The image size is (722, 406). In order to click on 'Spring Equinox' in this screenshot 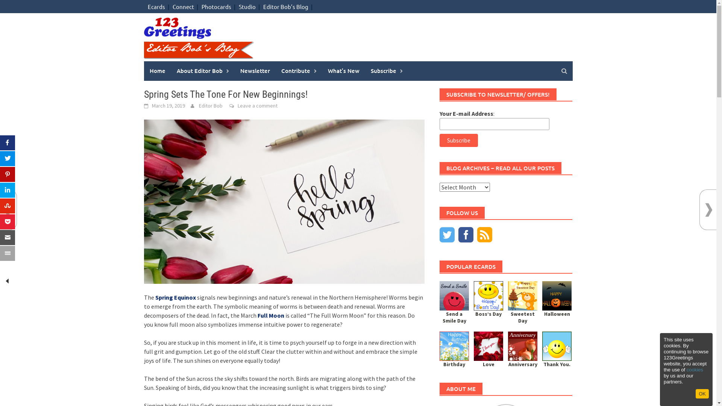, I will do `click(174, 297)`.